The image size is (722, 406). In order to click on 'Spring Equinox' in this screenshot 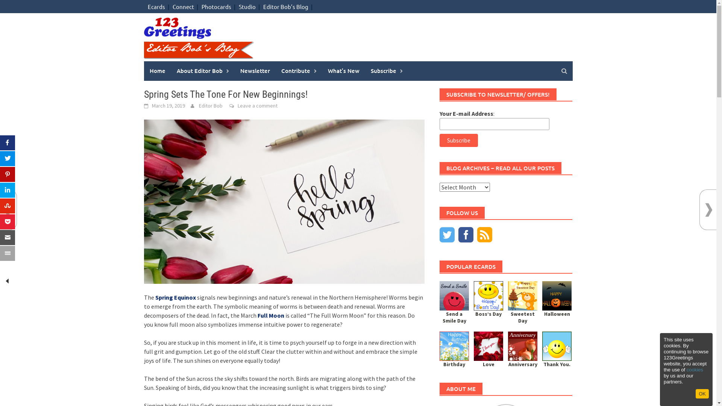, I will do `click(174, 297)`.